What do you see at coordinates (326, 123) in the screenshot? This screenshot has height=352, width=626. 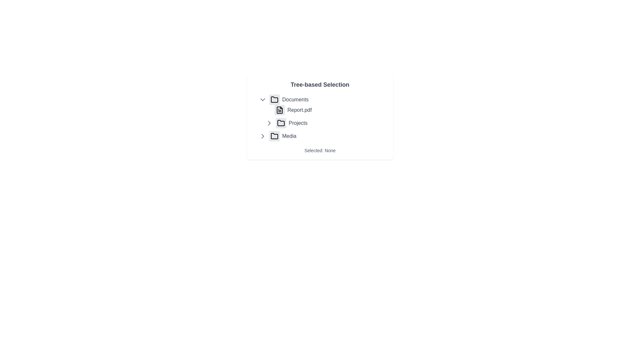 I see `the collapsible tree node representing 'Projects'` at bounding box center [326, 123].